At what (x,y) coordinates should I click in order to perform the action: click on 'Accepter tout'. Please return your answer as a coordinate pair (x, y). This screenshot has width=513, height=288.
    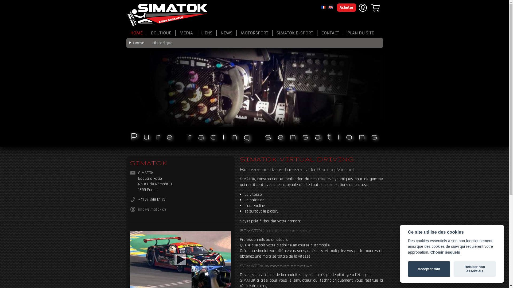
    Looking at the image, I should click on (407, 269).